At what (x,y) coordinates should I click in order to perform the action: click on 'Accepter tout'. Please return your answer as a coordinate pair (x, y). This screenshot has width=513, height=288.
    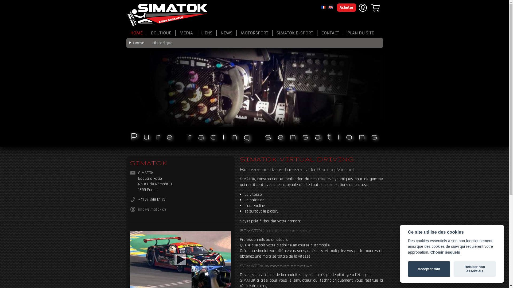
    Looking at the image, I should click on (407, 269).